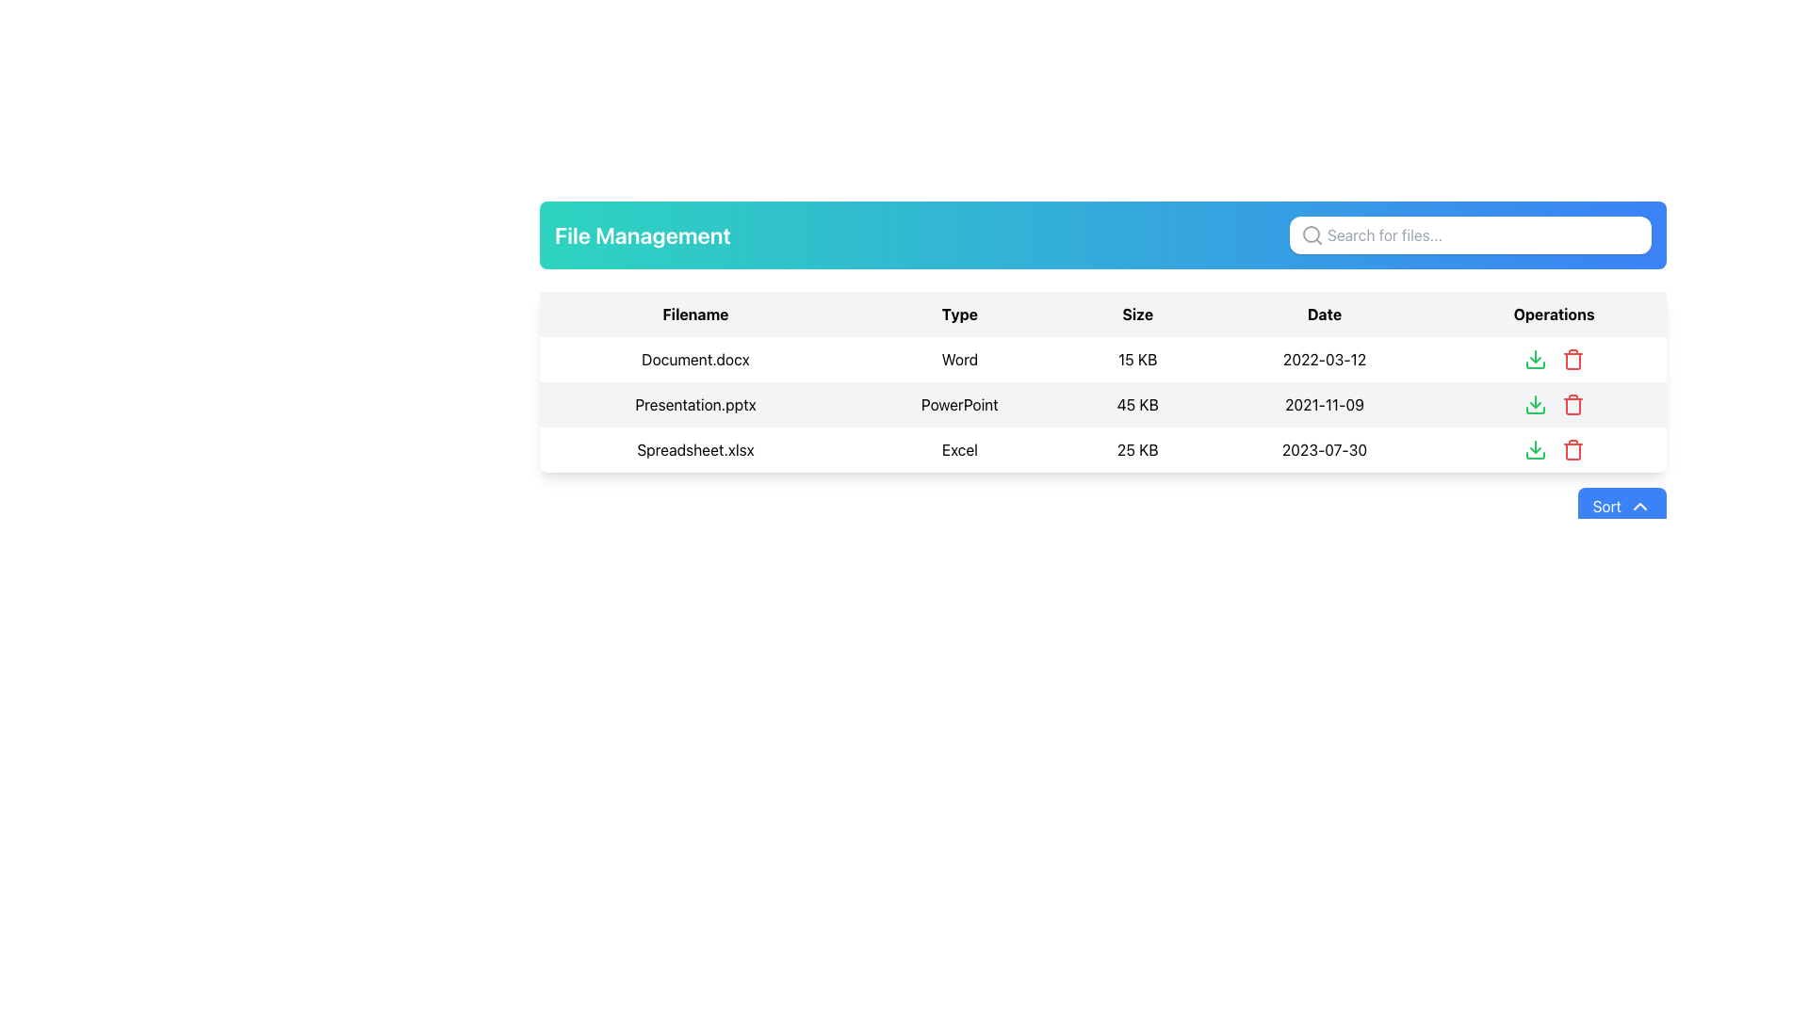 The width and height of the screenshot is (1809, 1017). Describe the element at coordinates (1136, 314) in the screenshot. I see `the 'Size' table header, a bold text label in black font, which is the third column header in the table, located between the 'Type' and 'Date' headers` at that location.